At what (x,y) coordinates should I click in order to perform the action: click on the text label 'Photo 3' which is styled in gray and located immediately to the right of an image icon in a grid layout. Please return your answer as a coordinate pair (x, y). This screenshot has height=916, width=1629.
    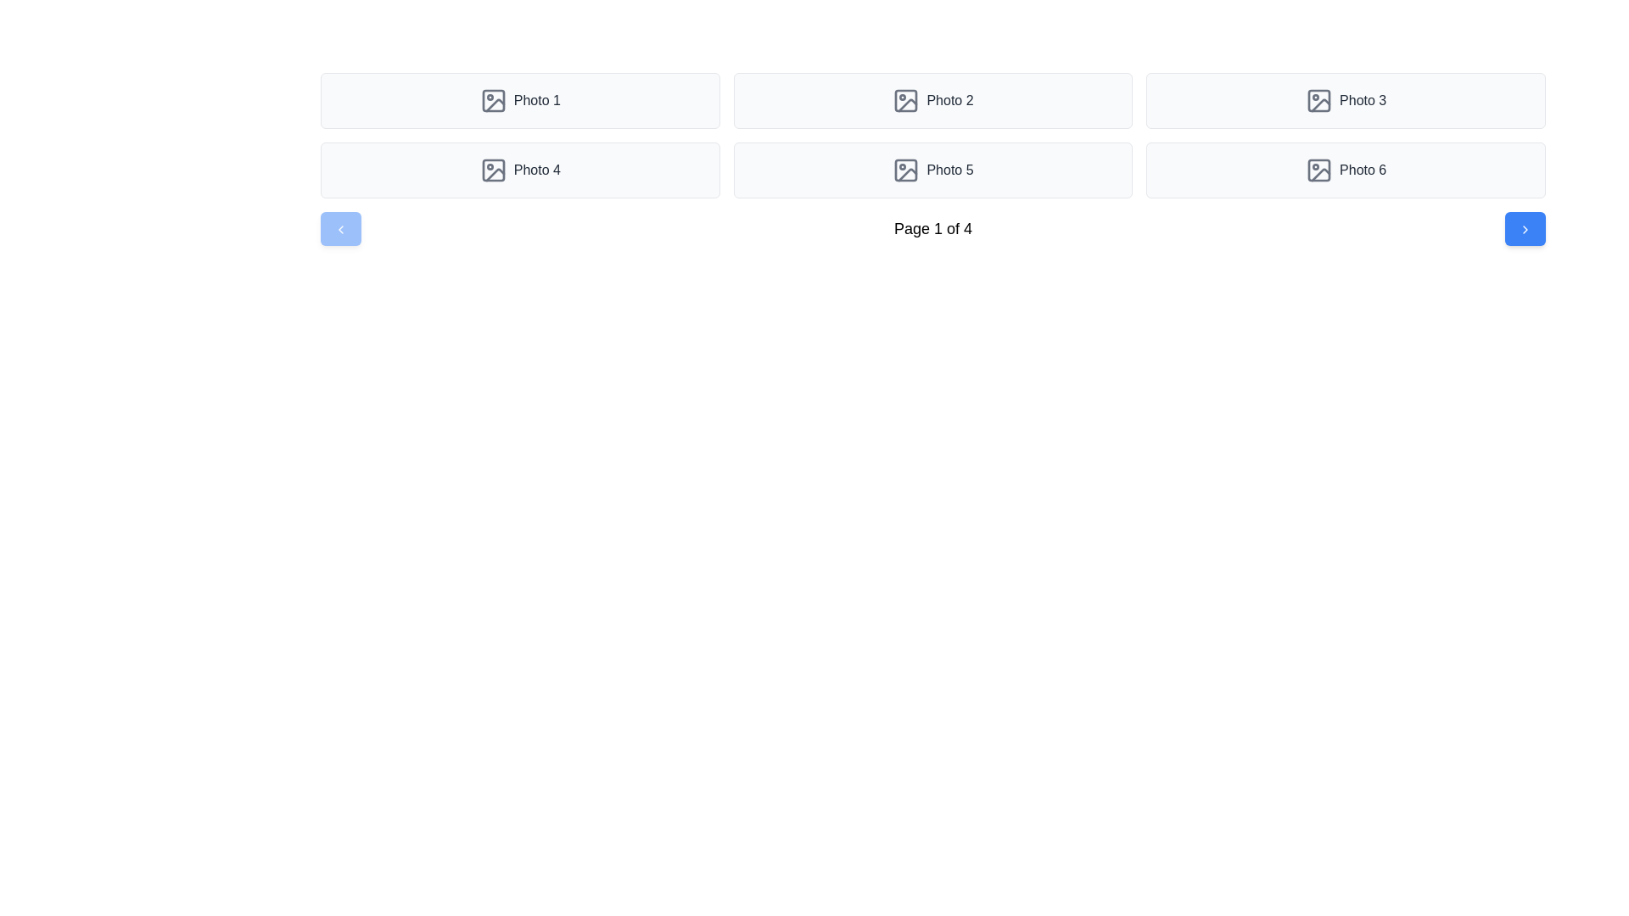
    Looking at the image, I should click on (1363, 101).